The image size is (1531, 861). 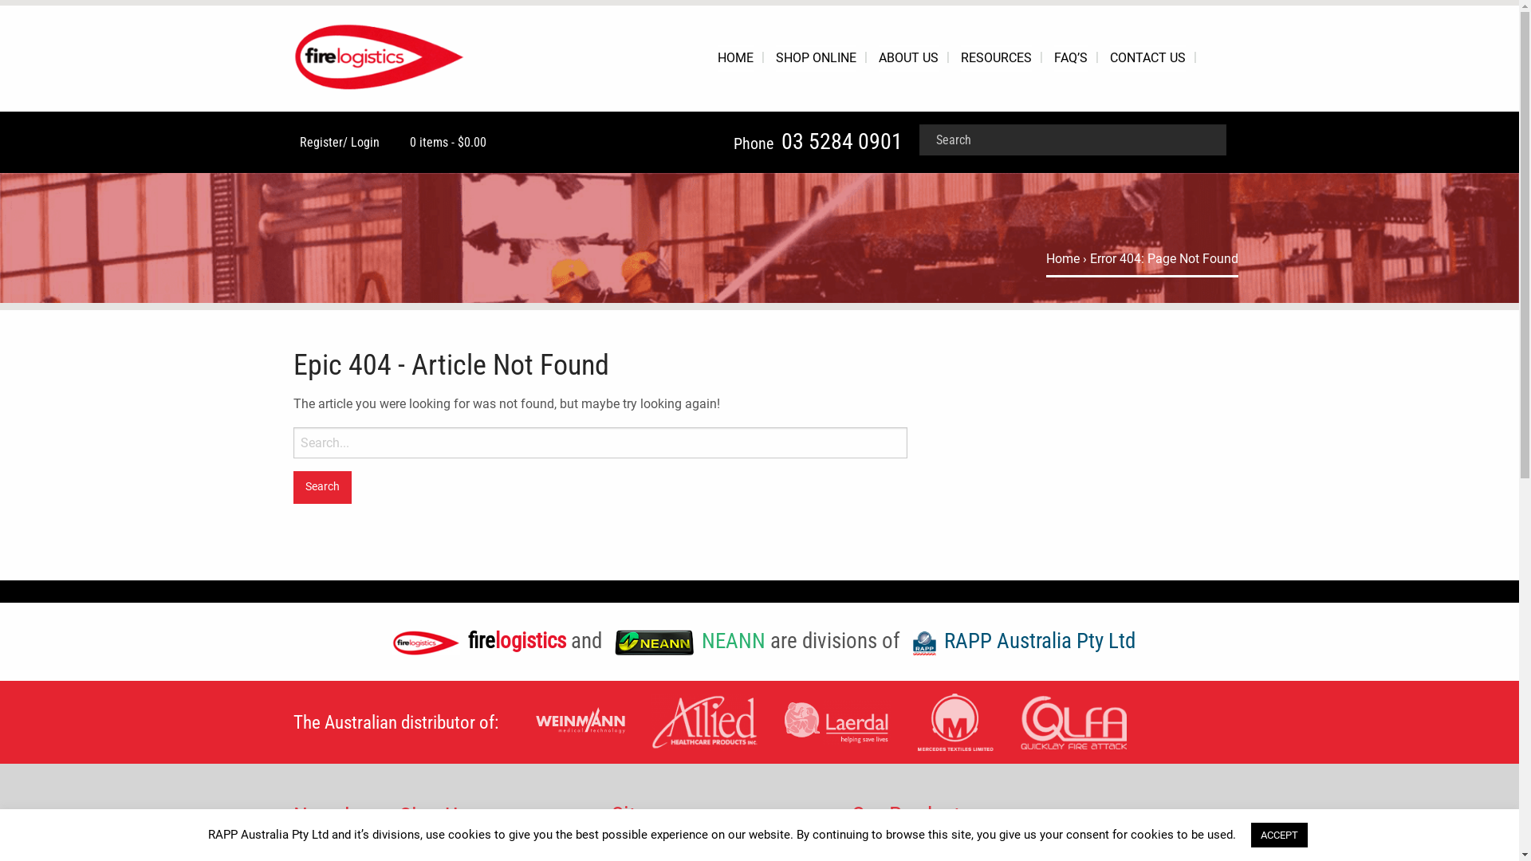 I want to click on 'ABOUT US', so click(x=878, y=57).